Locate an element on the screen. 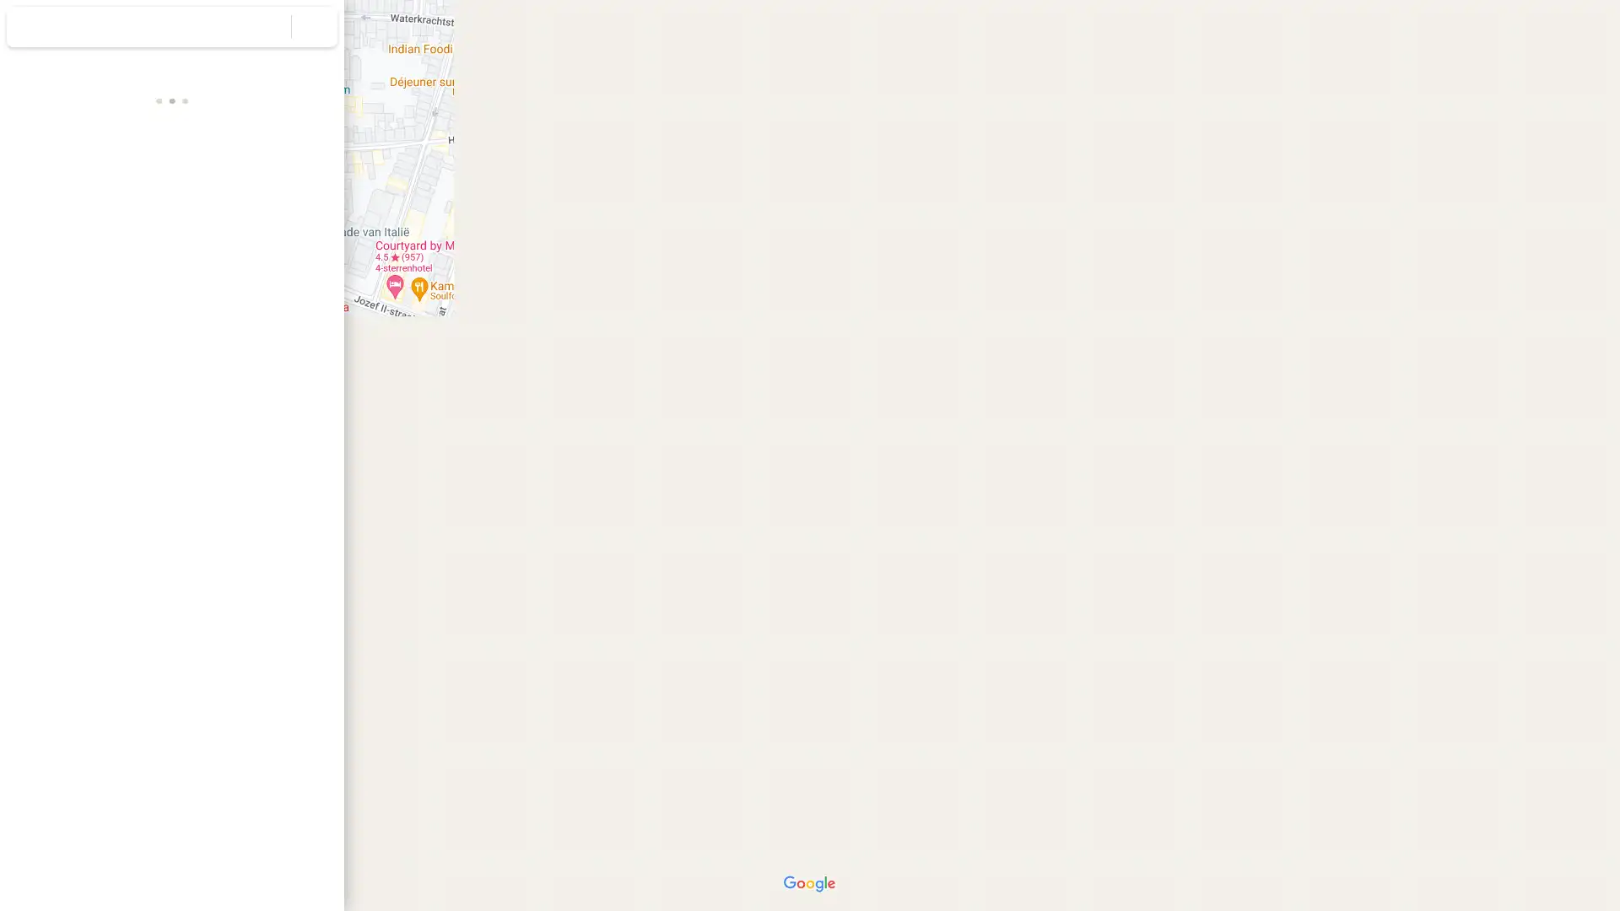  Zoekopdracht wissen is located at coordinates (315, 26).